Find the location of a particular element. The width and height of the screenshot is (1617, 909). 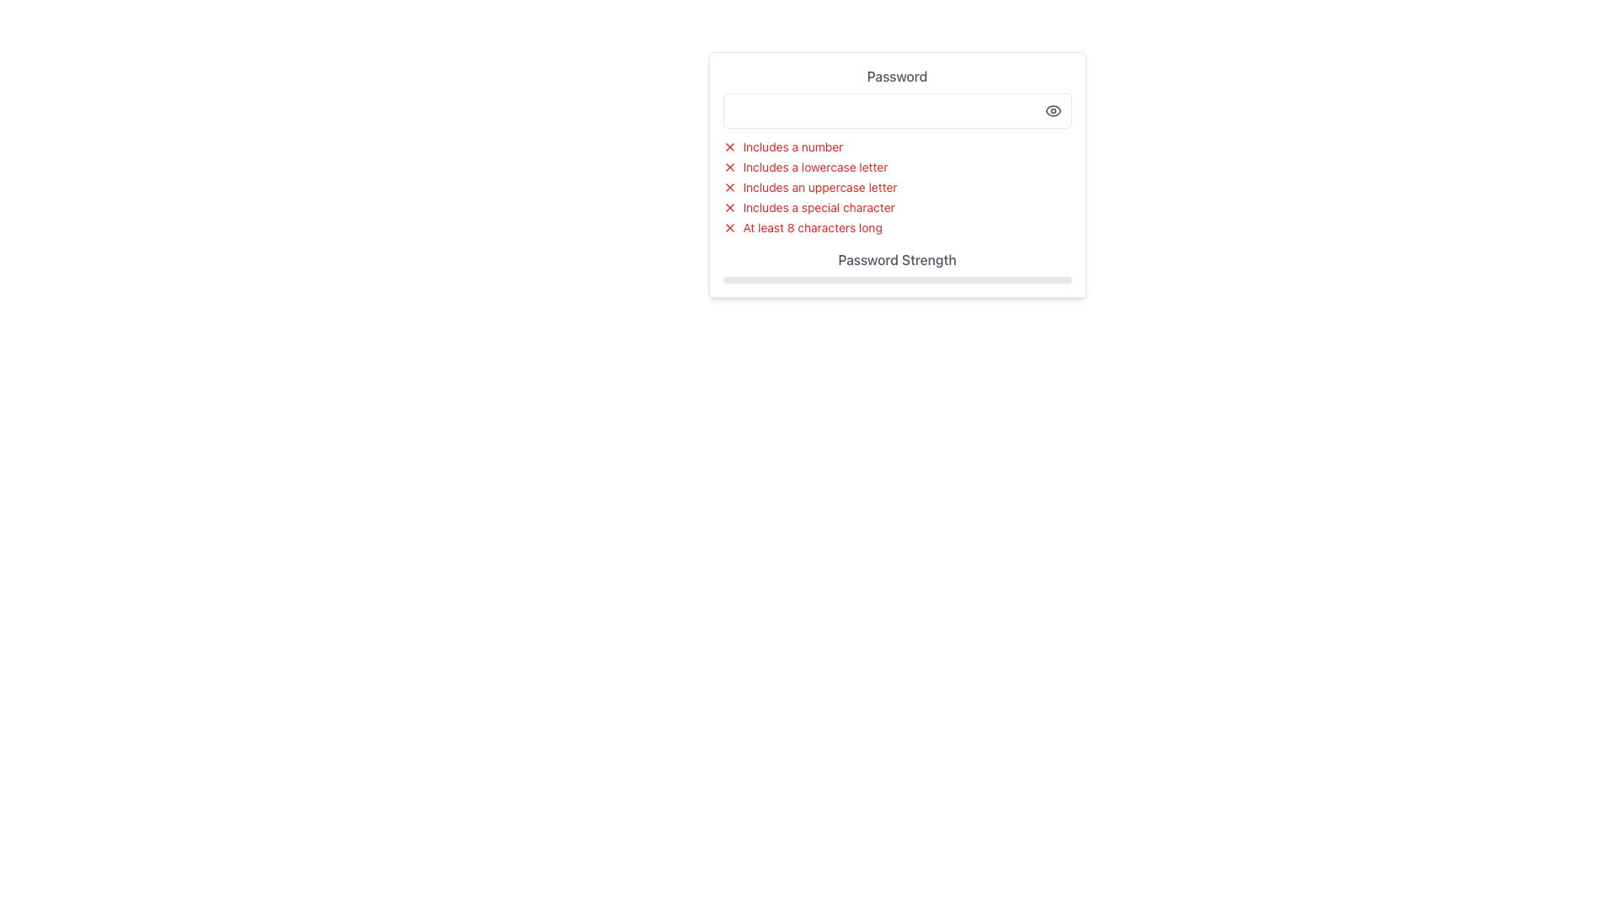

the close icon represented as a red X symbol, which is located at the leftmost part of the text block labeled 'Includes a number' in the password criteria list is located at coordinates (729, 146).